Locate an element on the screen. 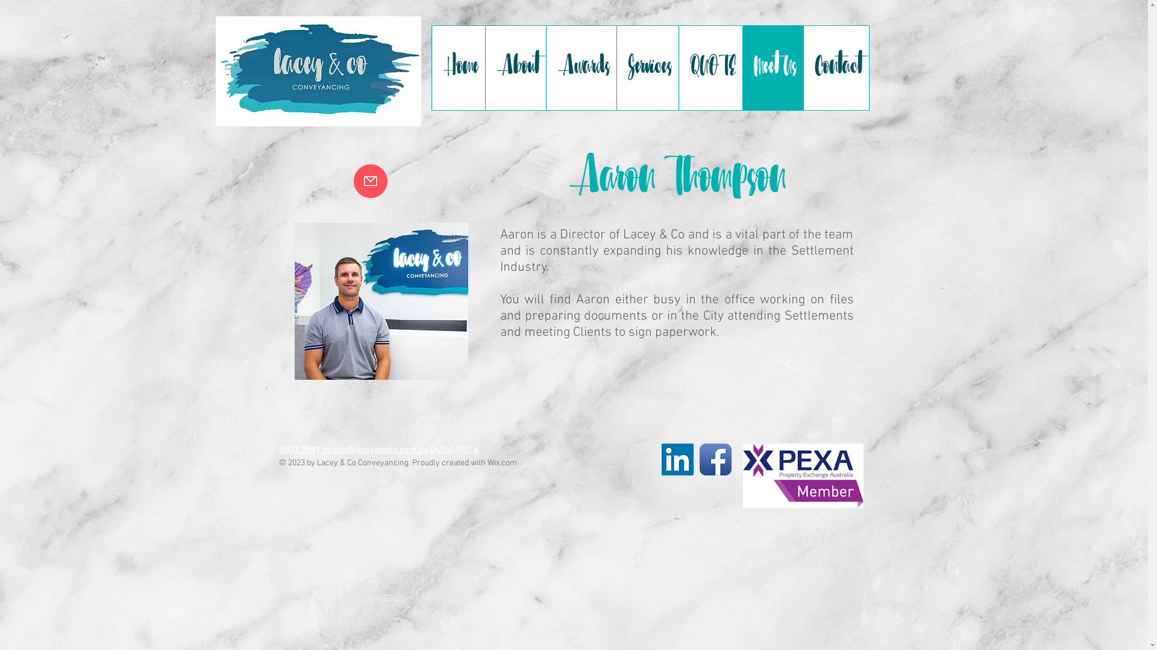  'Services' is located at coordinates (646, 67).